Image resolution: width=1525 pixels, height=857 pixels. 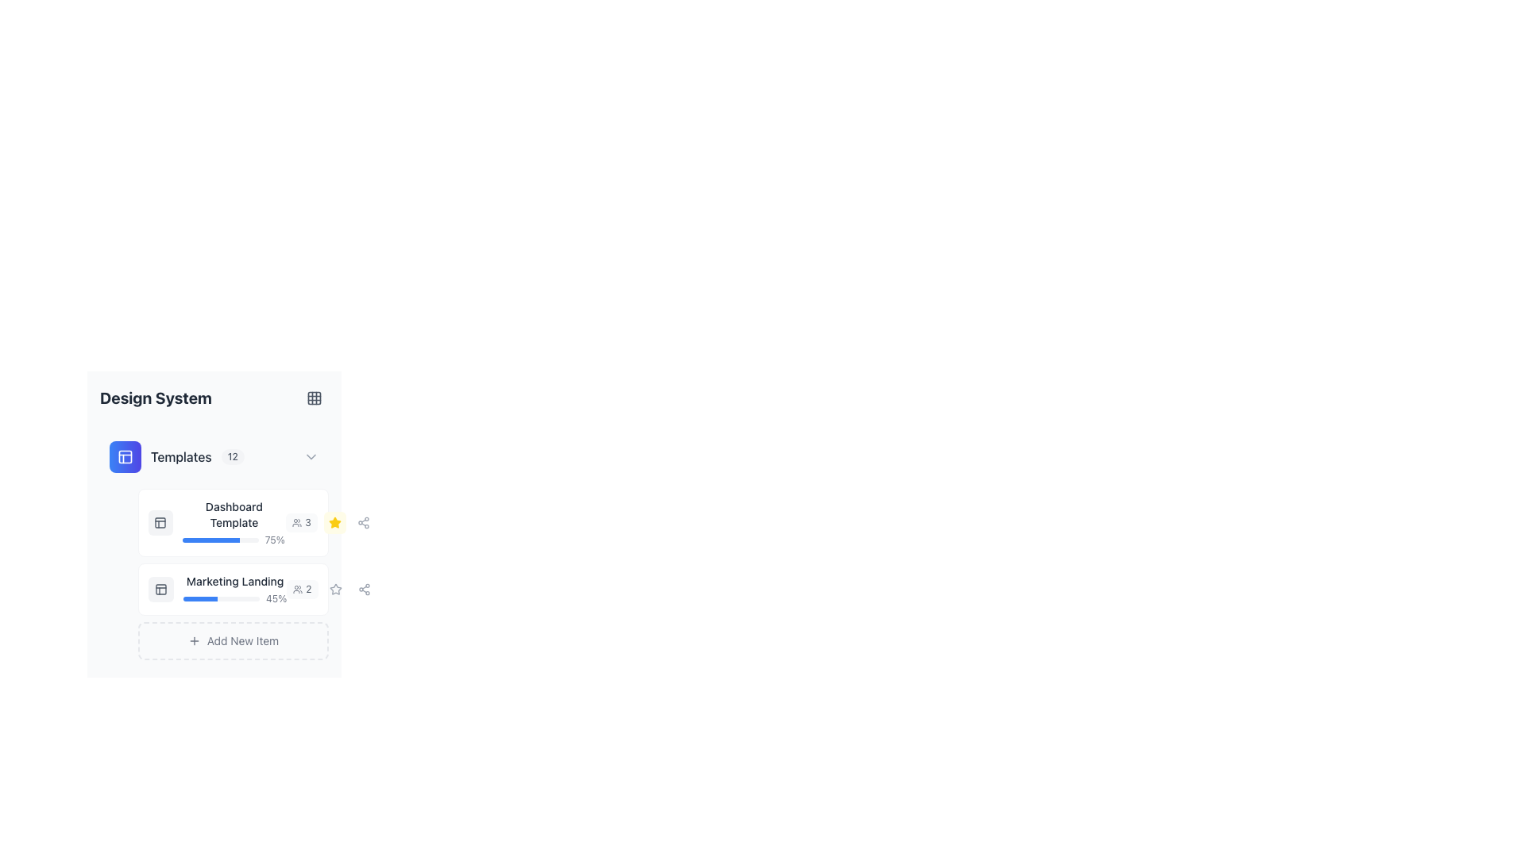 What do you see at coordinates (308, 523) in the screenshot?
I see `the informational Text Label that indicates a numerical count, located at the rightmost side within a horizontally aligned group of elements in the second row of a list of items` at bounding box center [308, 523].